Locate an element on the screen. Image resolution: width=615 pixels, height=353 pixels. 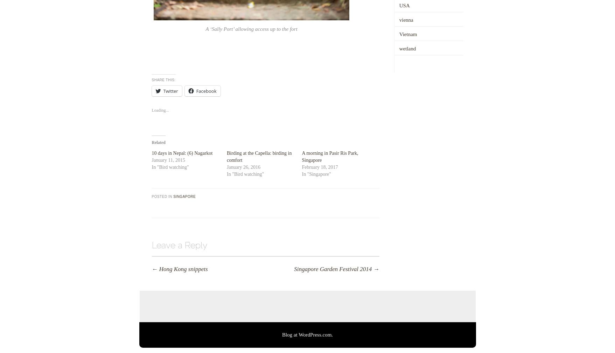
'wetland' is located at coordinates (407, 48).